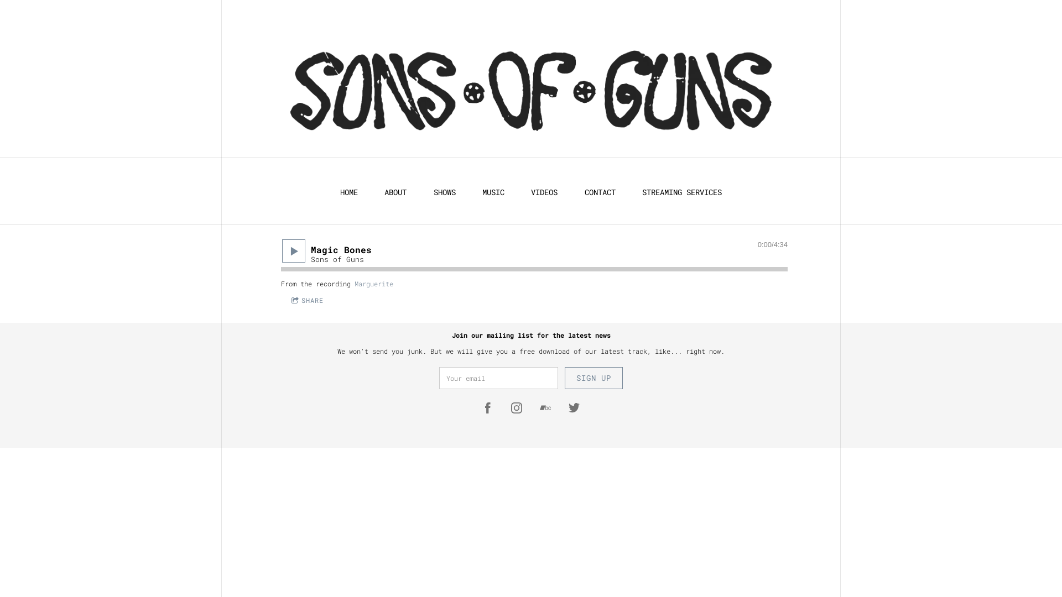 This screenshot has height=597, width=1062. What do you see at coordinates (374, 283) in the screenshot?
I see `'Marguerite'` at bounding box center [374, 283].